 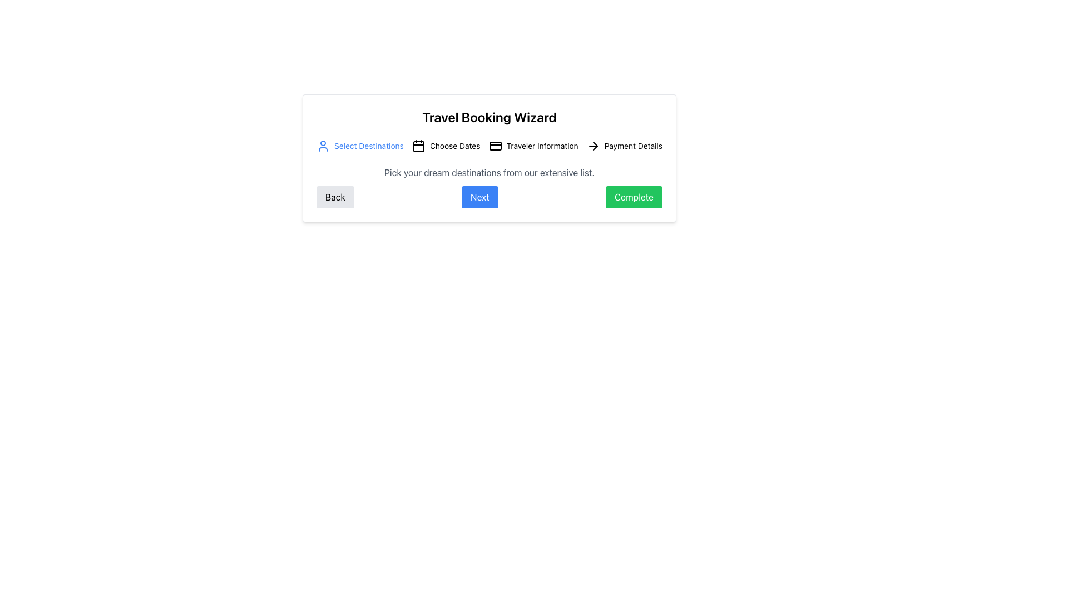 I want to click on the Step Progress Indicator Bar that contains items: 'Select Destinations', 'Choose Dates', 'Traveler Information', and 'Payment Details', which is styled with clear typography and highlights the active item in blue, so click(x=489, y=145).